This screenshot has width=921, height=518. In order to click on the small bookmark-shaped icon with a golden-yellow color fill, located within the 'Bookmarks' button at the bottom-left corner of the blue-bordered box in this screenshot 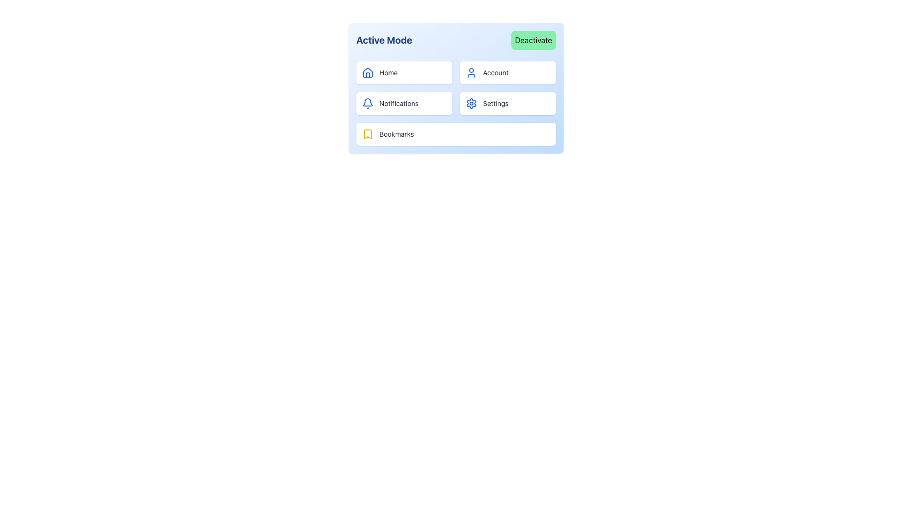, I will do `click(367, 134)`.